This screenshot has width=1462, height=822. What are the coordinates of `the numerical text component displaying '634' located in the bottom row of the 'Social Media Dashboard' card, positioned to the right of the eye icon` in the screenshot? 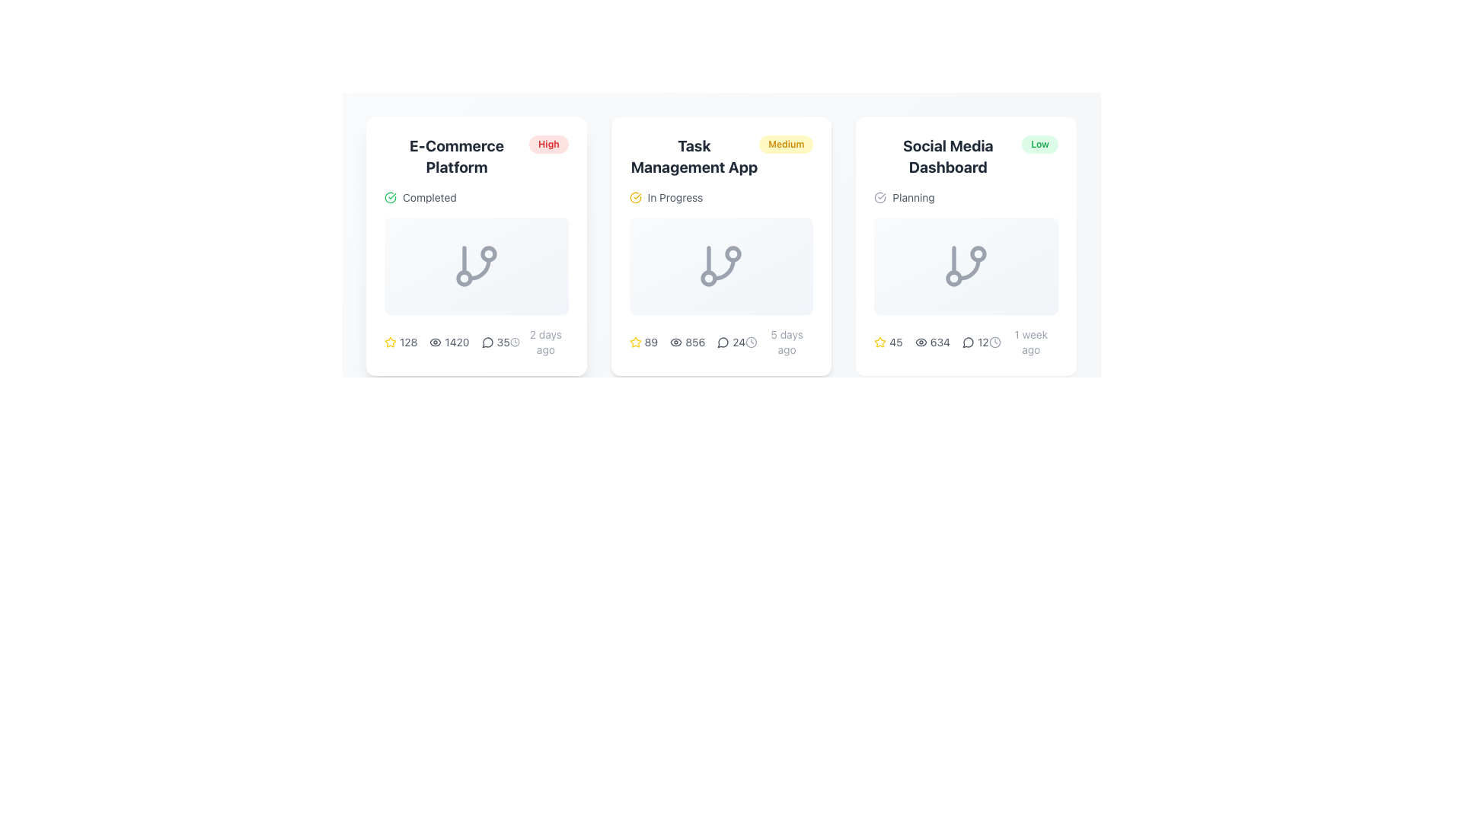 It's located at (939, 342).